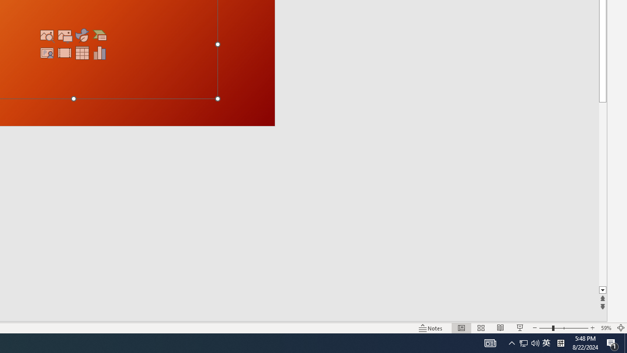  I want to click on 'Insert Cameo', so click(47, 53).